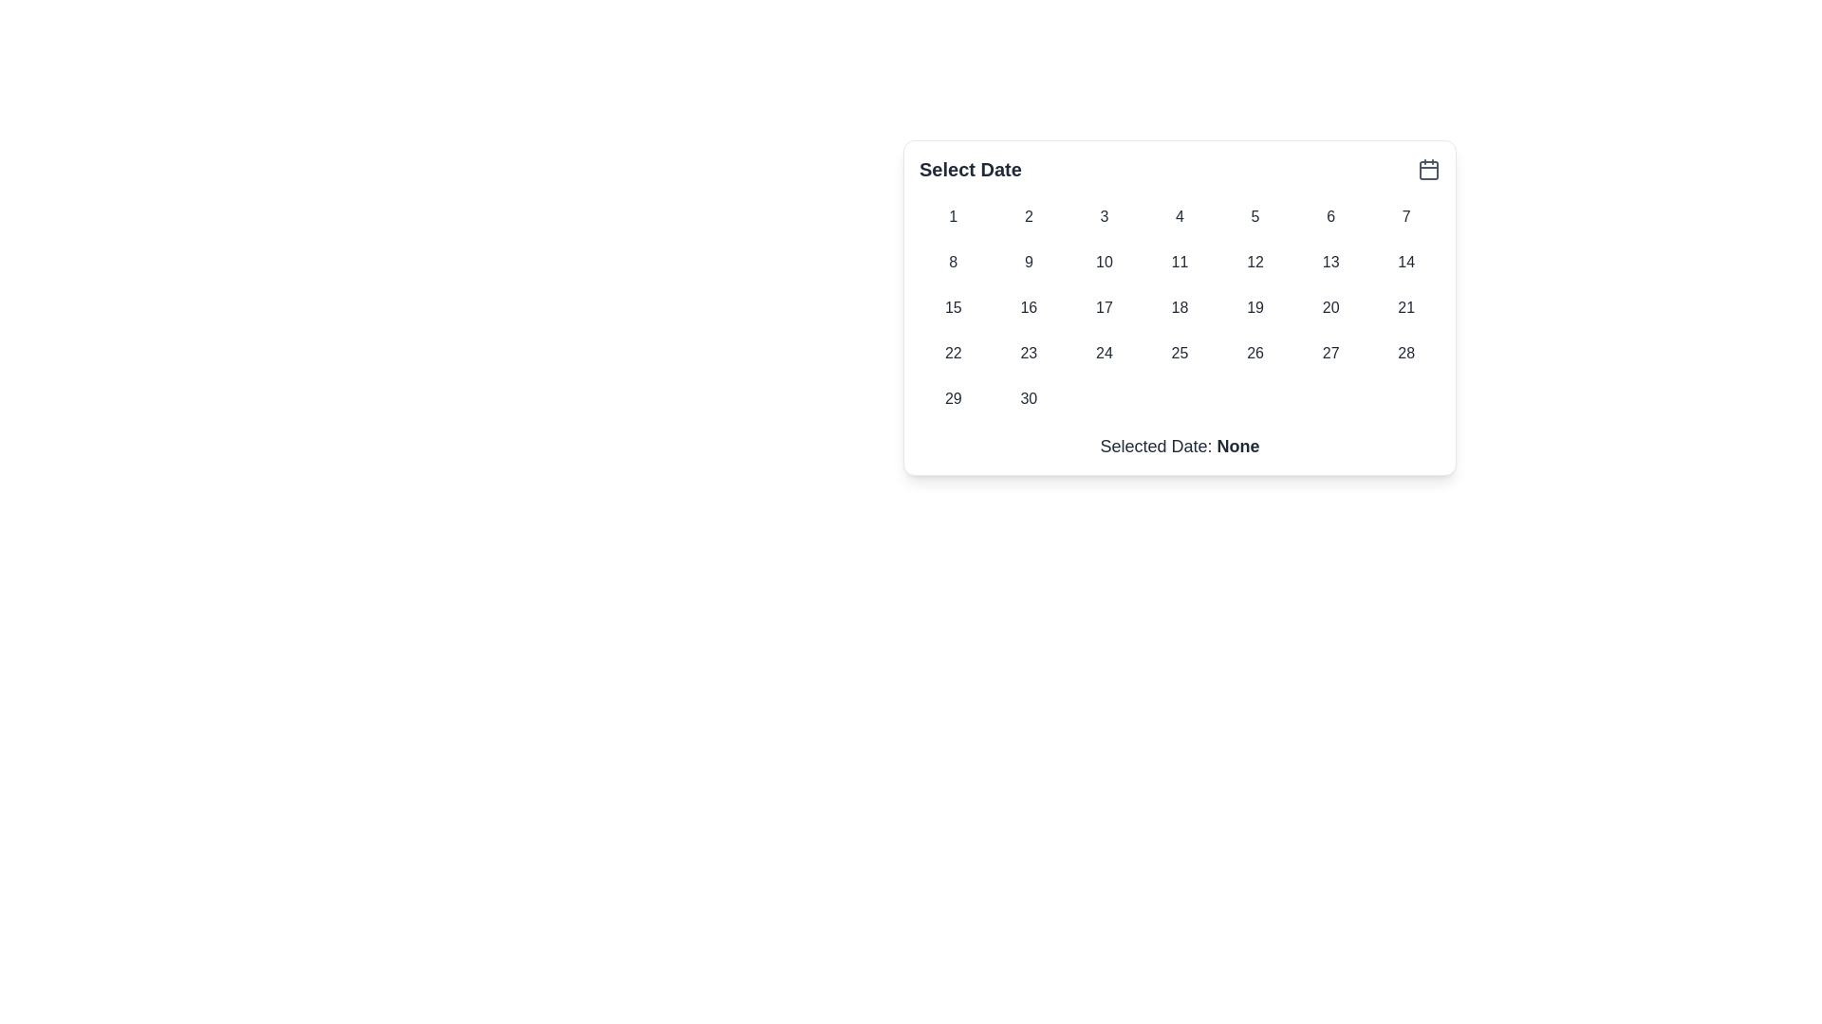 The width and height of the screenshot is (1822, 1024). I want to click on the button labeled '17' in the calendar grid, so click(1104, 306).